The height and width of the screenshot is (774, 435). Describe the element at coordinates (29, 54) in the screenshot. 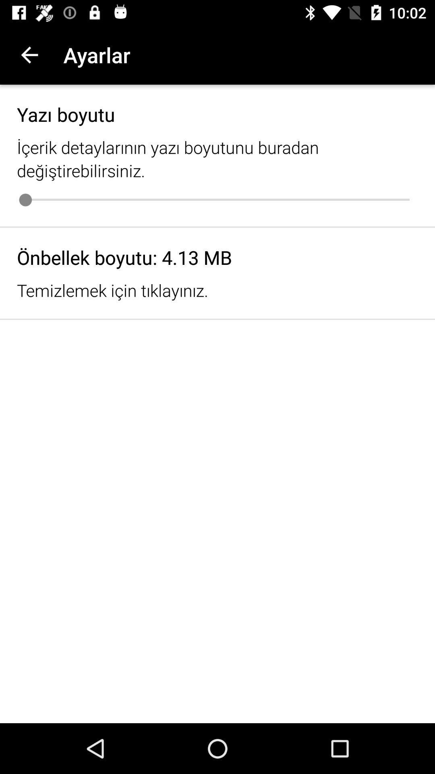

I see `the app to the left of the ayarlar` at that location.